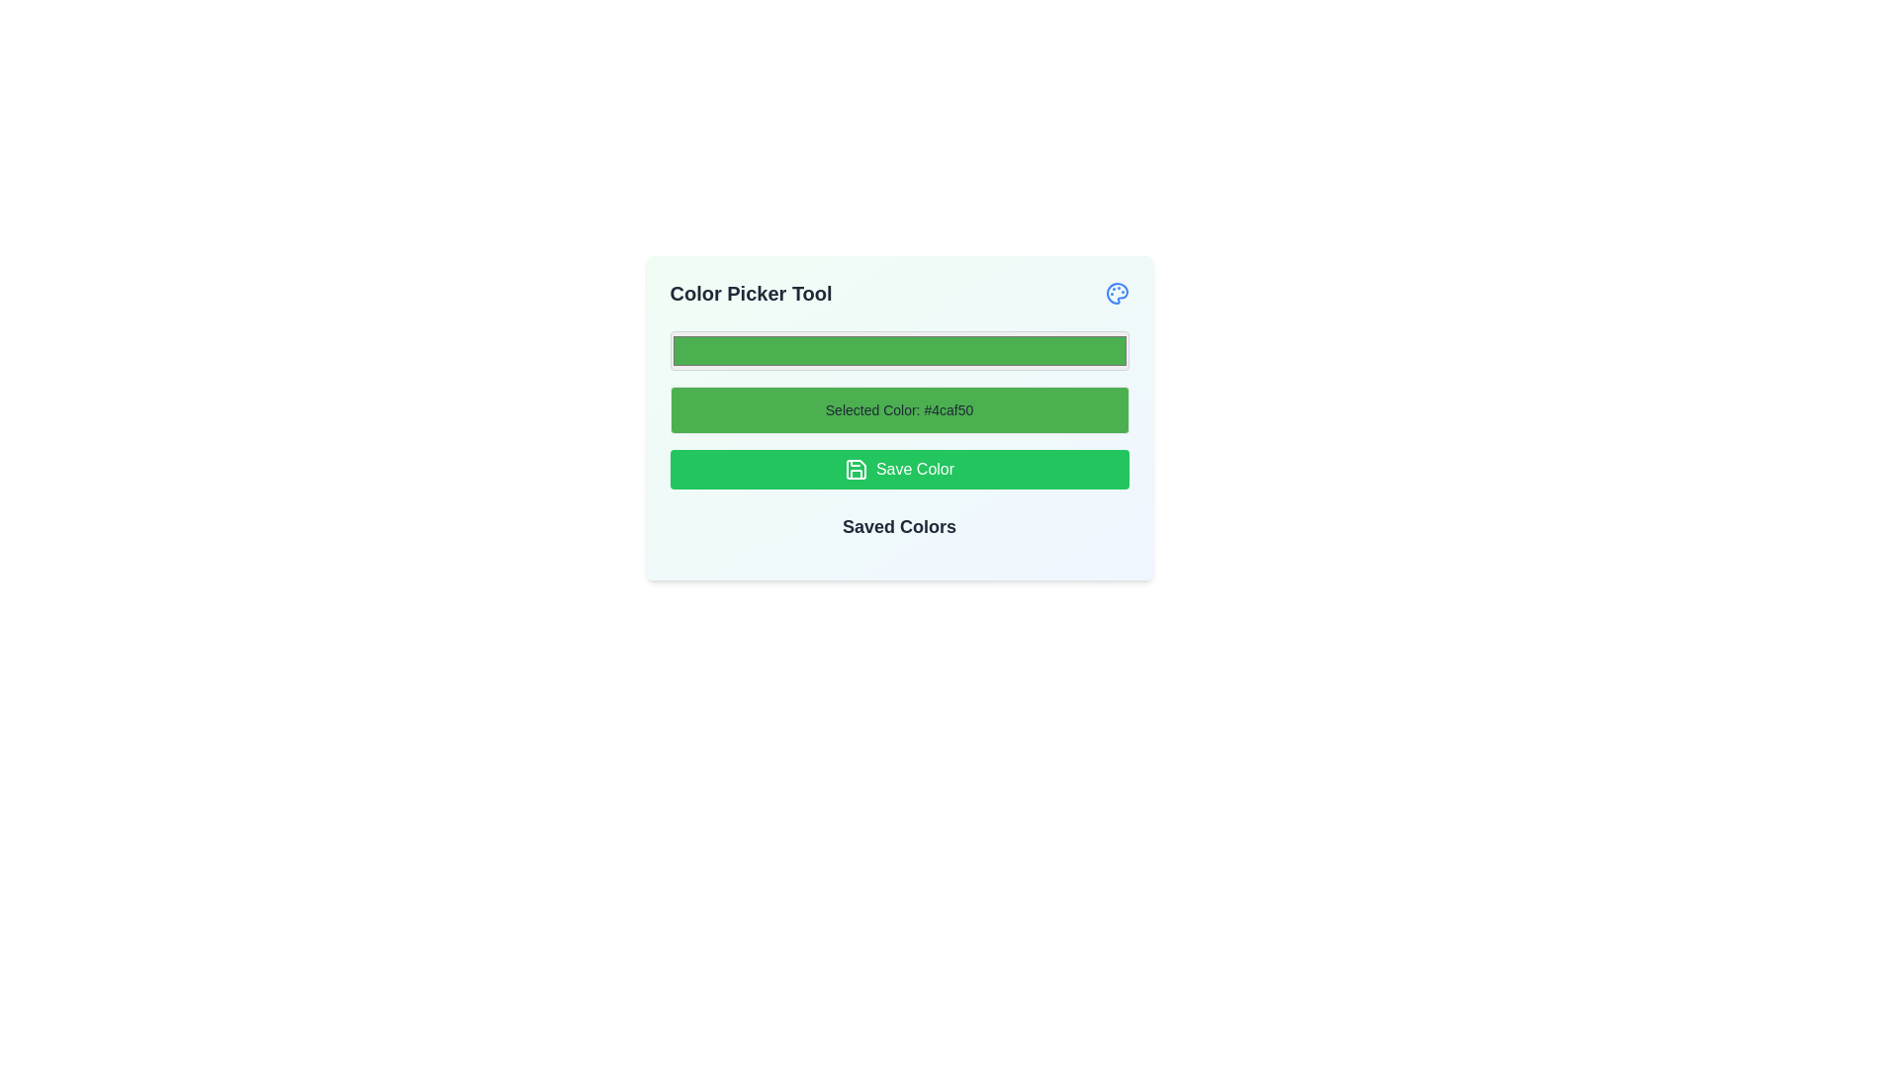 The image size is (1899, 1068). I want to click on the 'Saved Colors' static text label, which is styled in dark gray with a large bold font and is positioned directly below the 'Save Color' button, so click(898, 534).